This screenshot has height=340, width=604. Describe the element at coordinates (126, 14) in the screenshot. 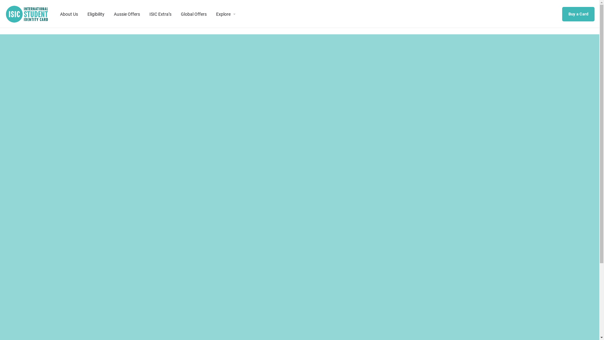

I see `'Aussie Offers'` at that location.